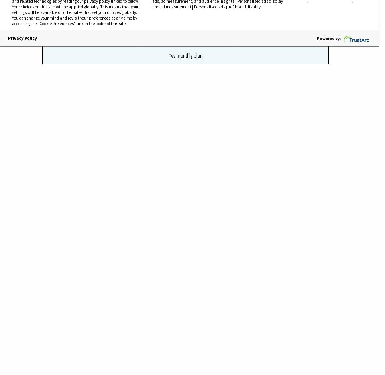 The width and height of the screenshot is (385, 375). I want to click on 'NPR reports.', so click(209, 87).